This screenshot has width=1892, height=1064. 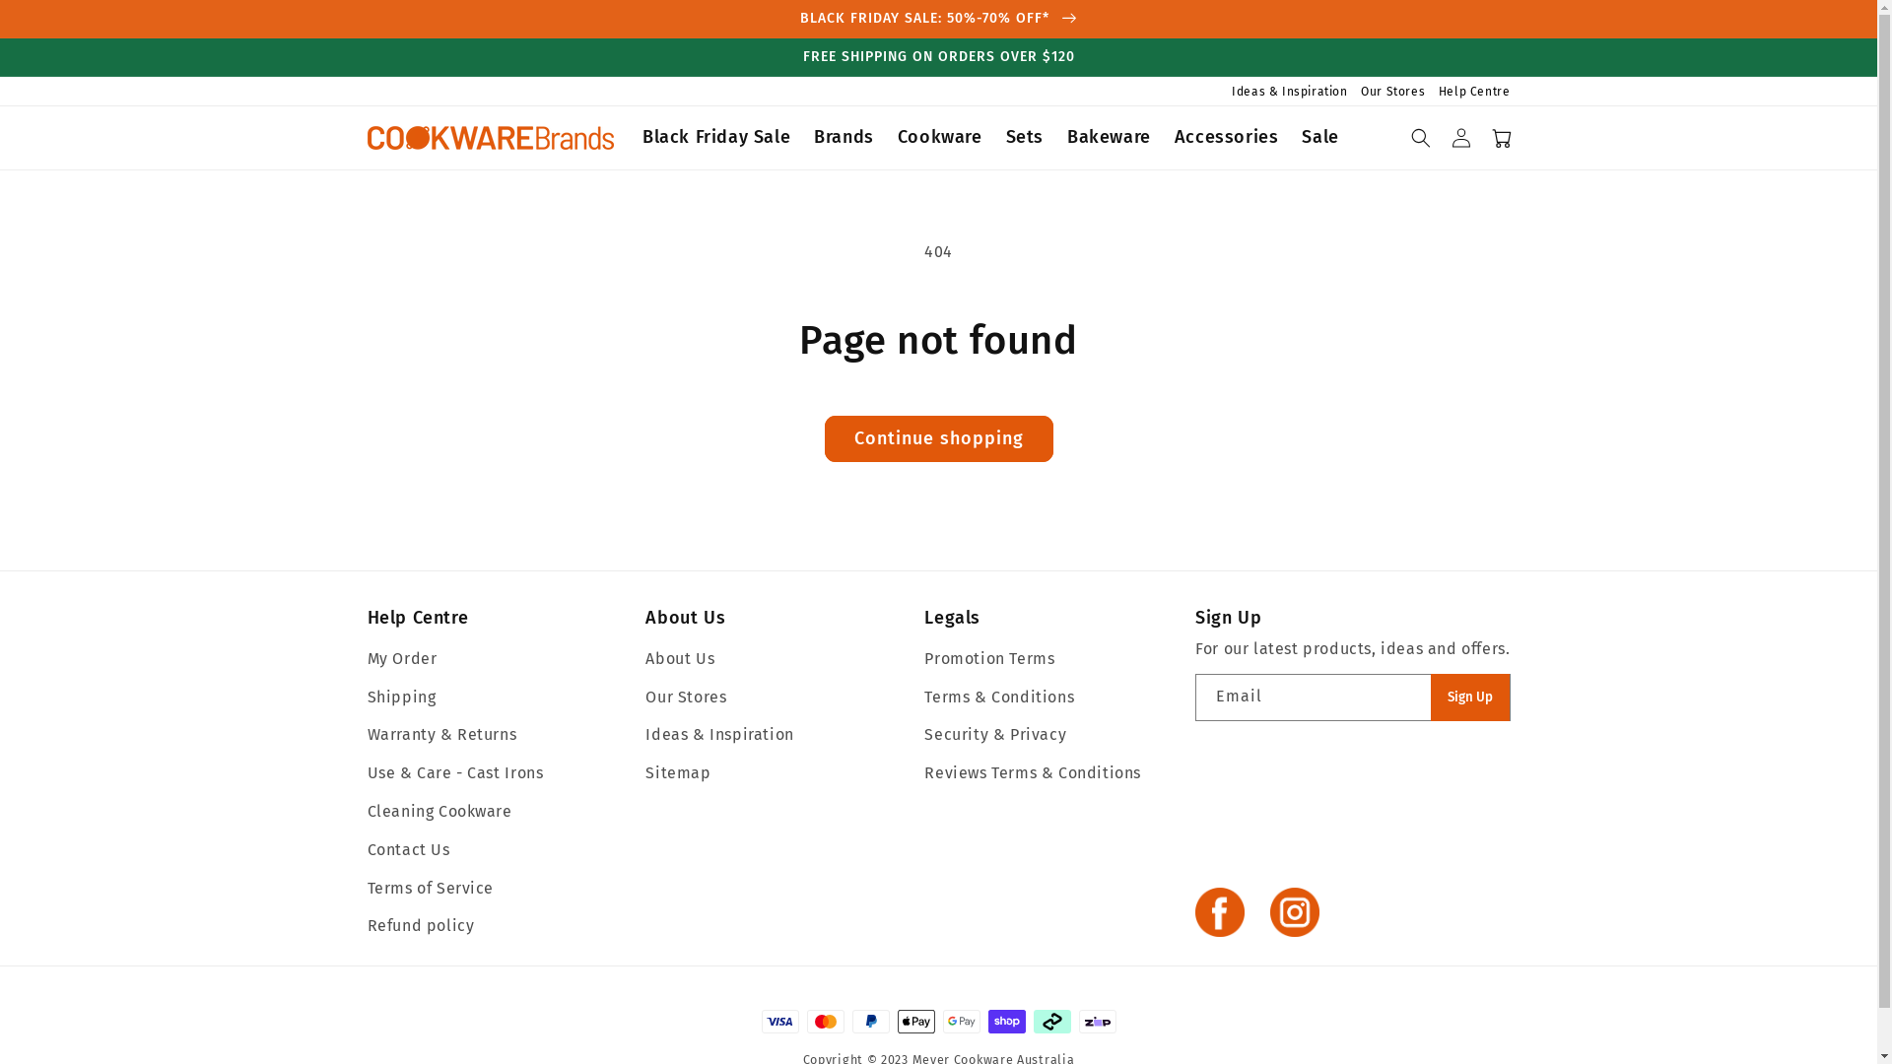 What do you see at coordinates (1286, 91) in the screenshot?
I see `'Ideas & Inspiration'` at bounding box center [1286, 91].